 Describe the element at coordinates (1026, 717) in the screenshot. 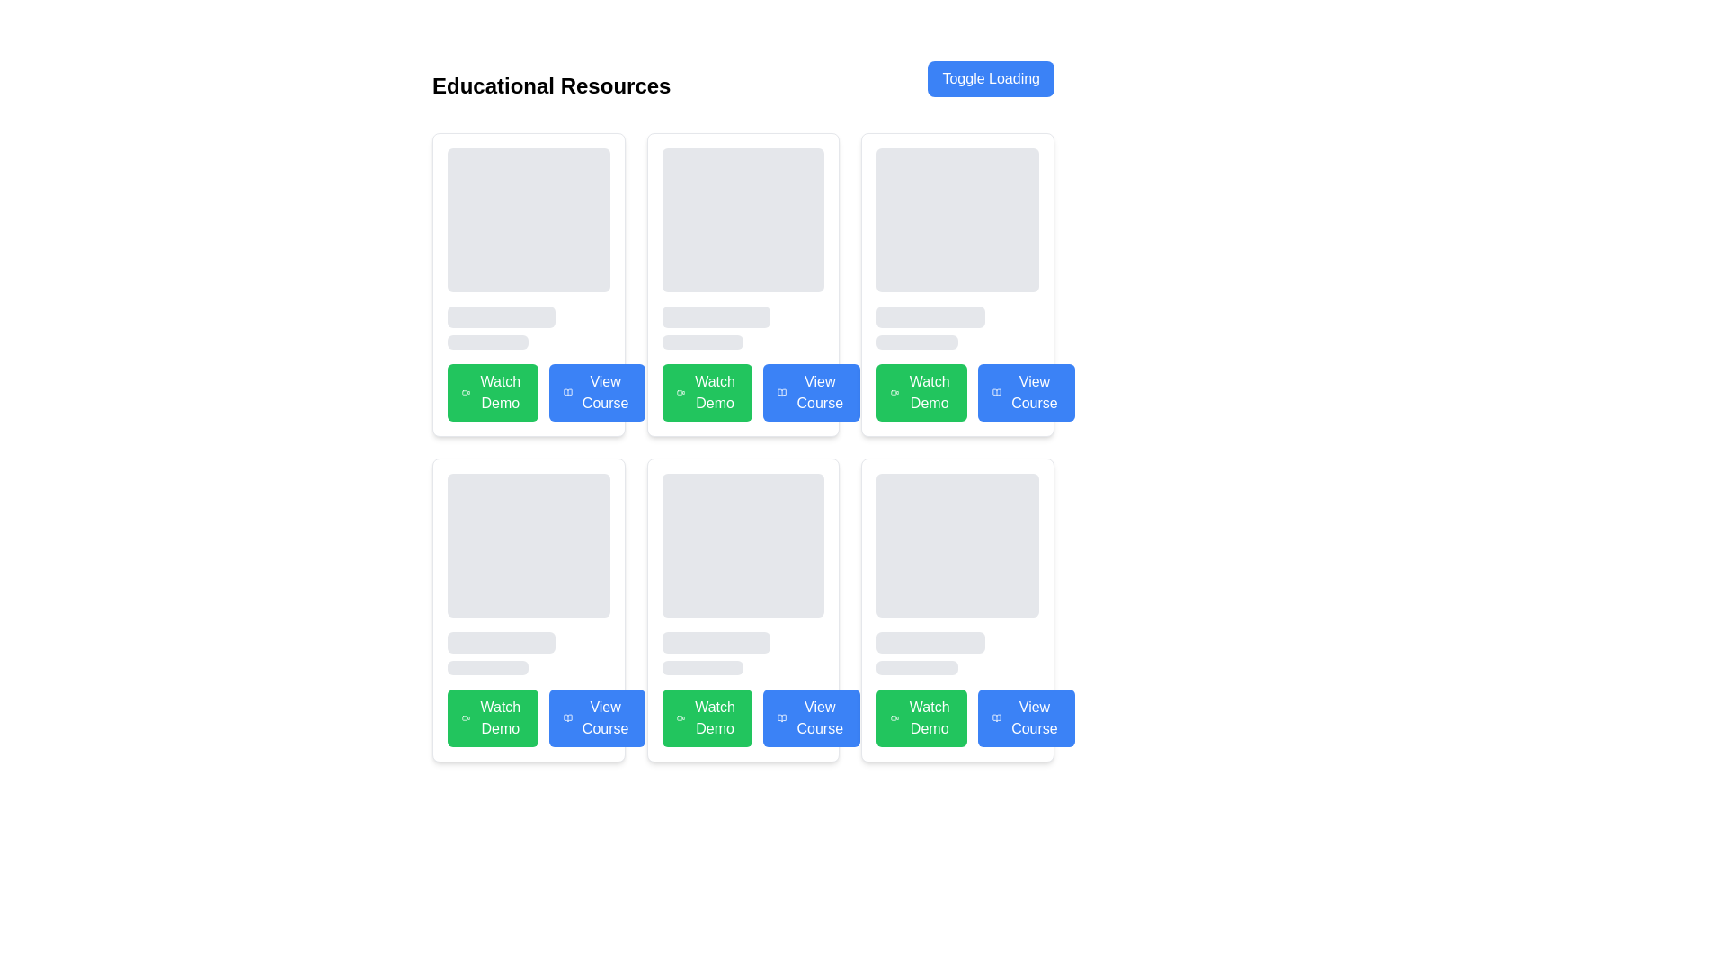

I see `the 'View Course' button located in the lower-right corner of its card` at that location.